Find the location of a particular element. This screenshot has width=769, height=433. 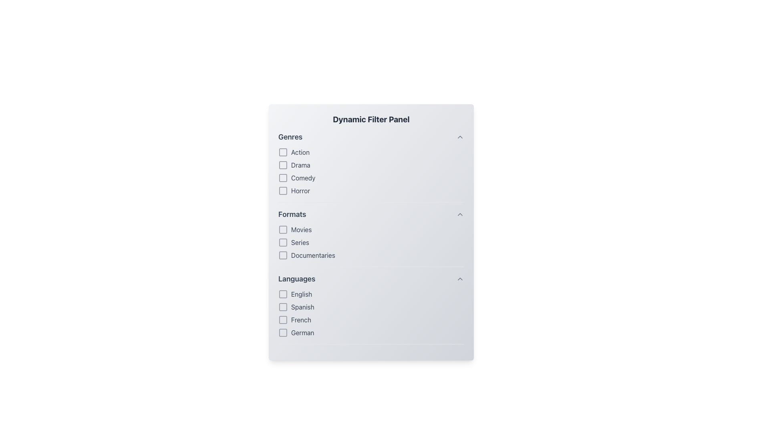

the checkbox for 'German' in the 'Languages' section is located at coordinates (283, 332).